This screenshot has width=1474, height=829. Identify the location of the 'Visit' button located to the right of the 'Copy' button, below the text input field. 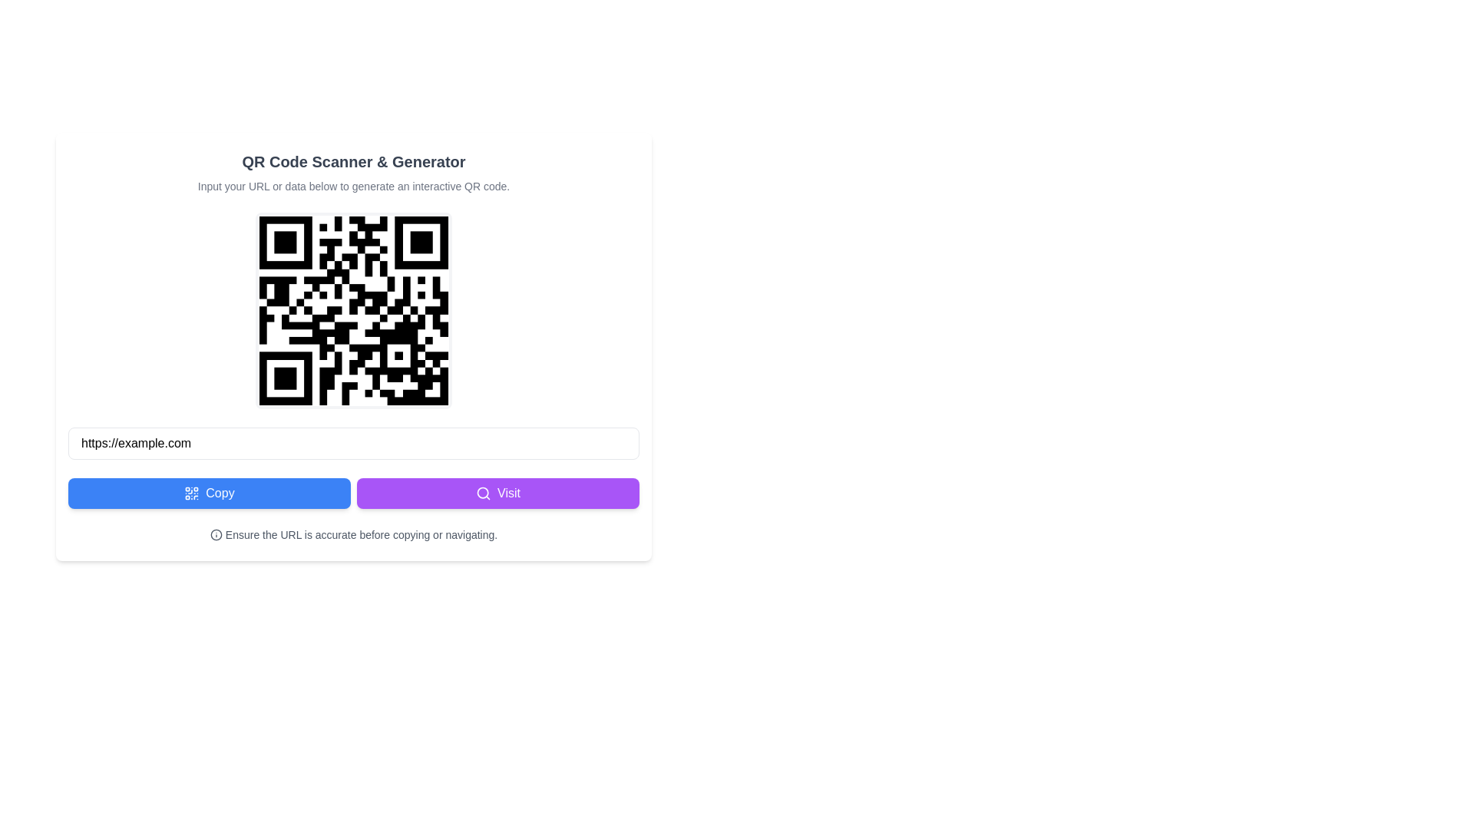
(497, 494).